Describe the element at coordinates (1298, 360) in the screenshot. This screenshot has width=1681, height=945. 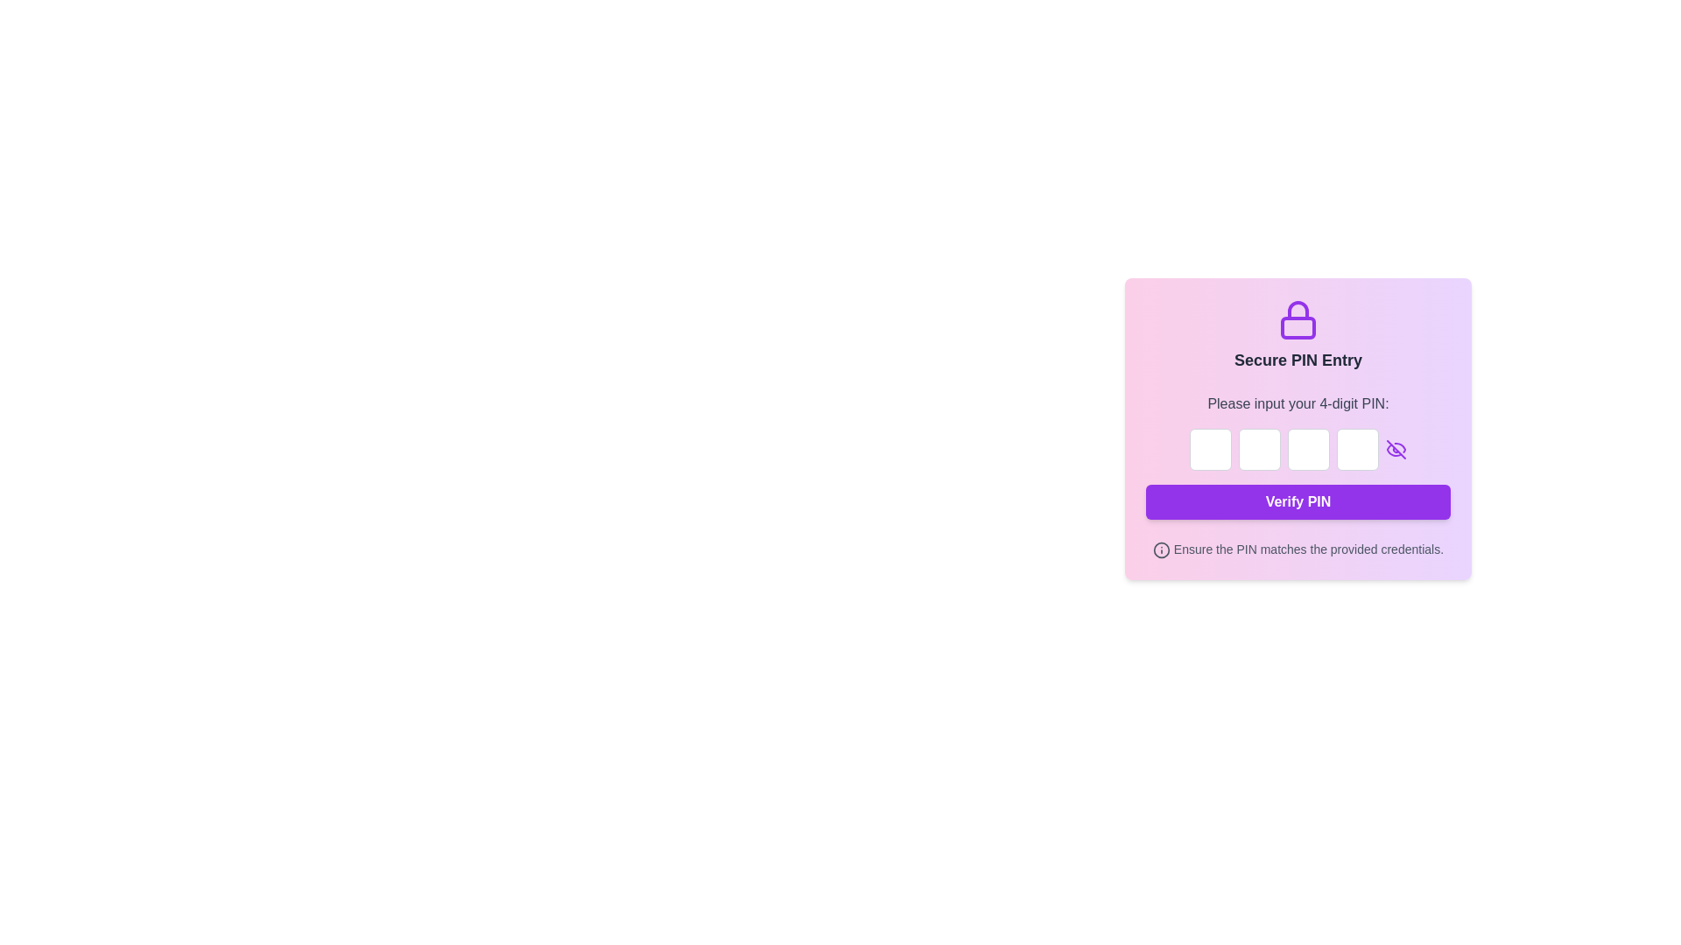
I see `the 'Secure PIN Entry' static text label, which is a prominent section header styled in bold dark gray, located below a lock icon` at that location.